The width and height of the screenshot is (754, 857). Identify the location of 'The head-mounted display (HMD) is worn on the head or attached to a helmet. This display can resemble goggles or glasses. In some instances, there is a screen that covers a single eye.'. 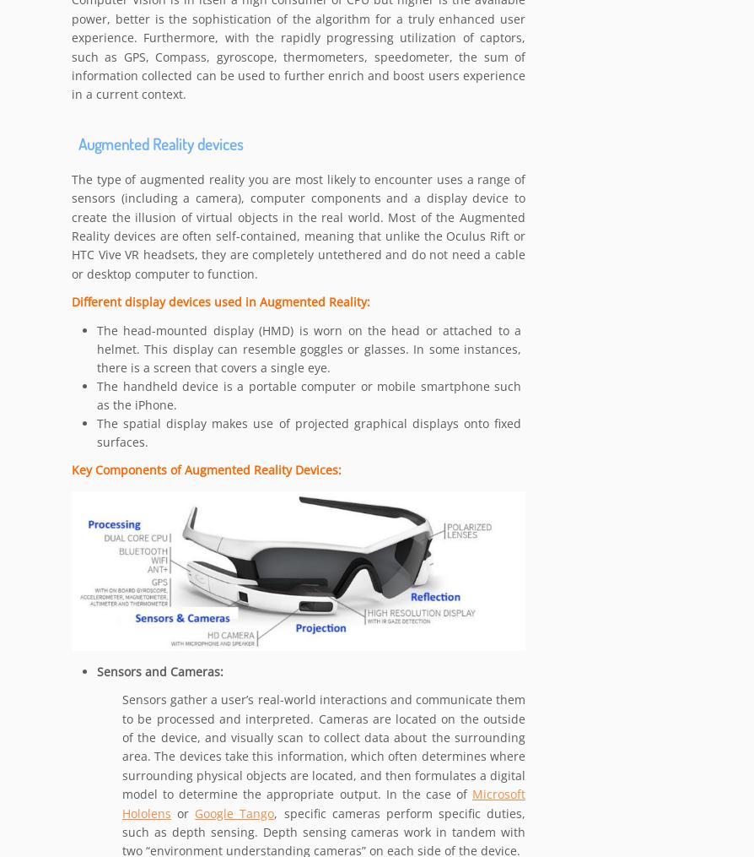
(308, 350).